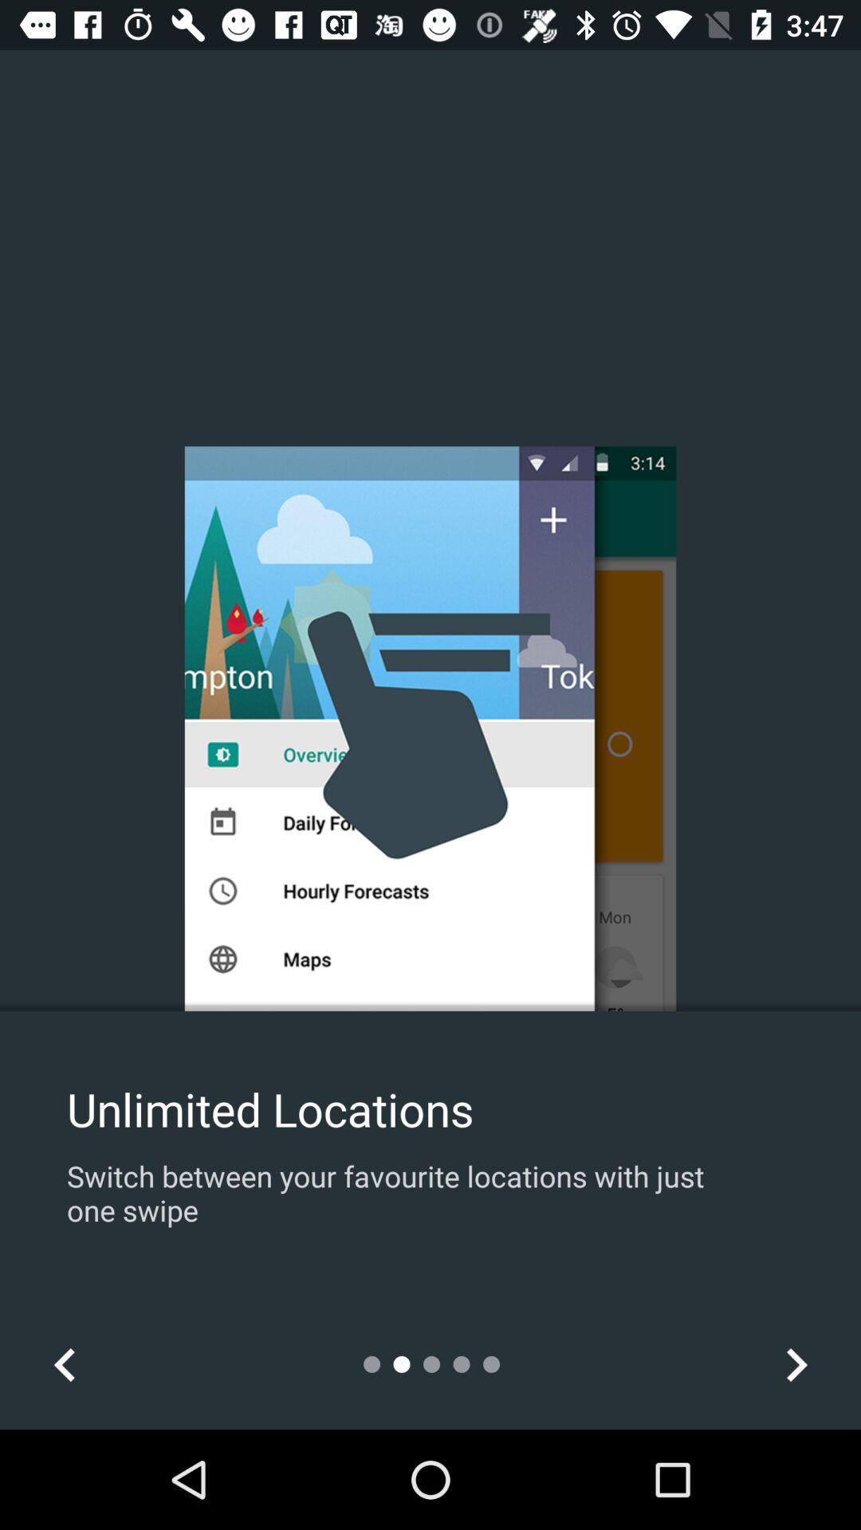 The image size is (861, 1530). Describe the element at coordinates (796, 1363) in the screenshot. I see `icon at the bottom right corner` at that location.